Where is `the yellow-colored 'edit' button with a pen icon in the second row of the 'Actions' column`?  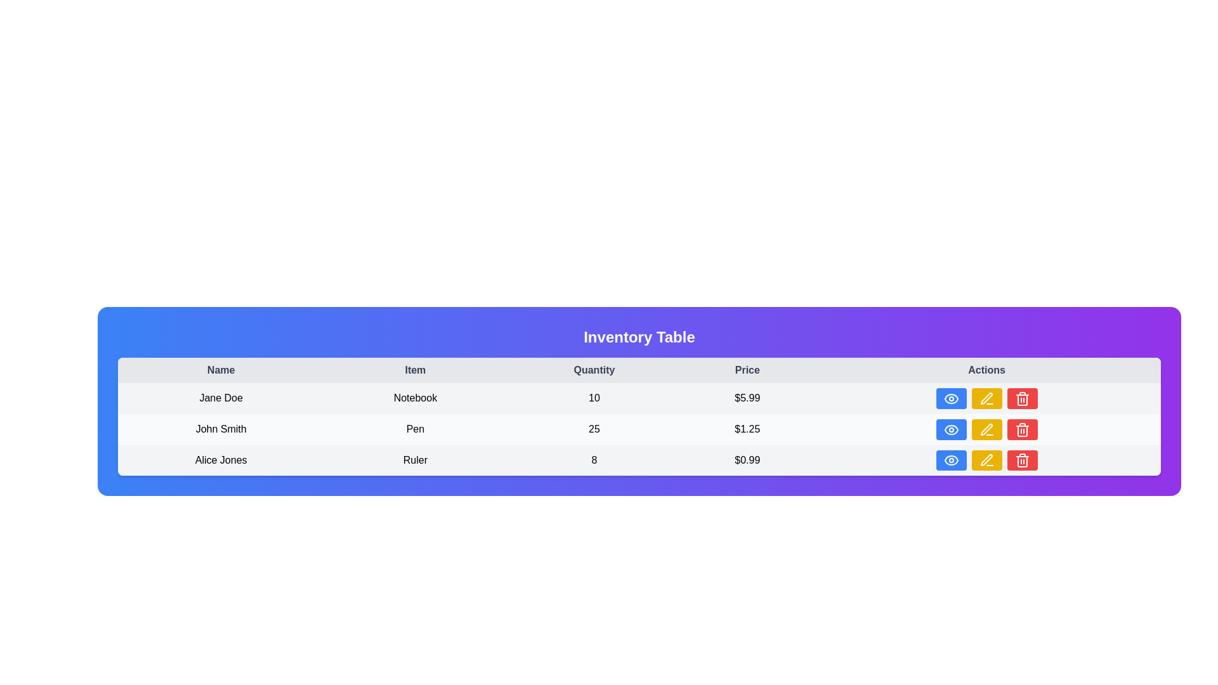 the yellow-colored 'edit' button with a pen icon in the second row of the 'Actions' column is located at coordinates (986, 429).